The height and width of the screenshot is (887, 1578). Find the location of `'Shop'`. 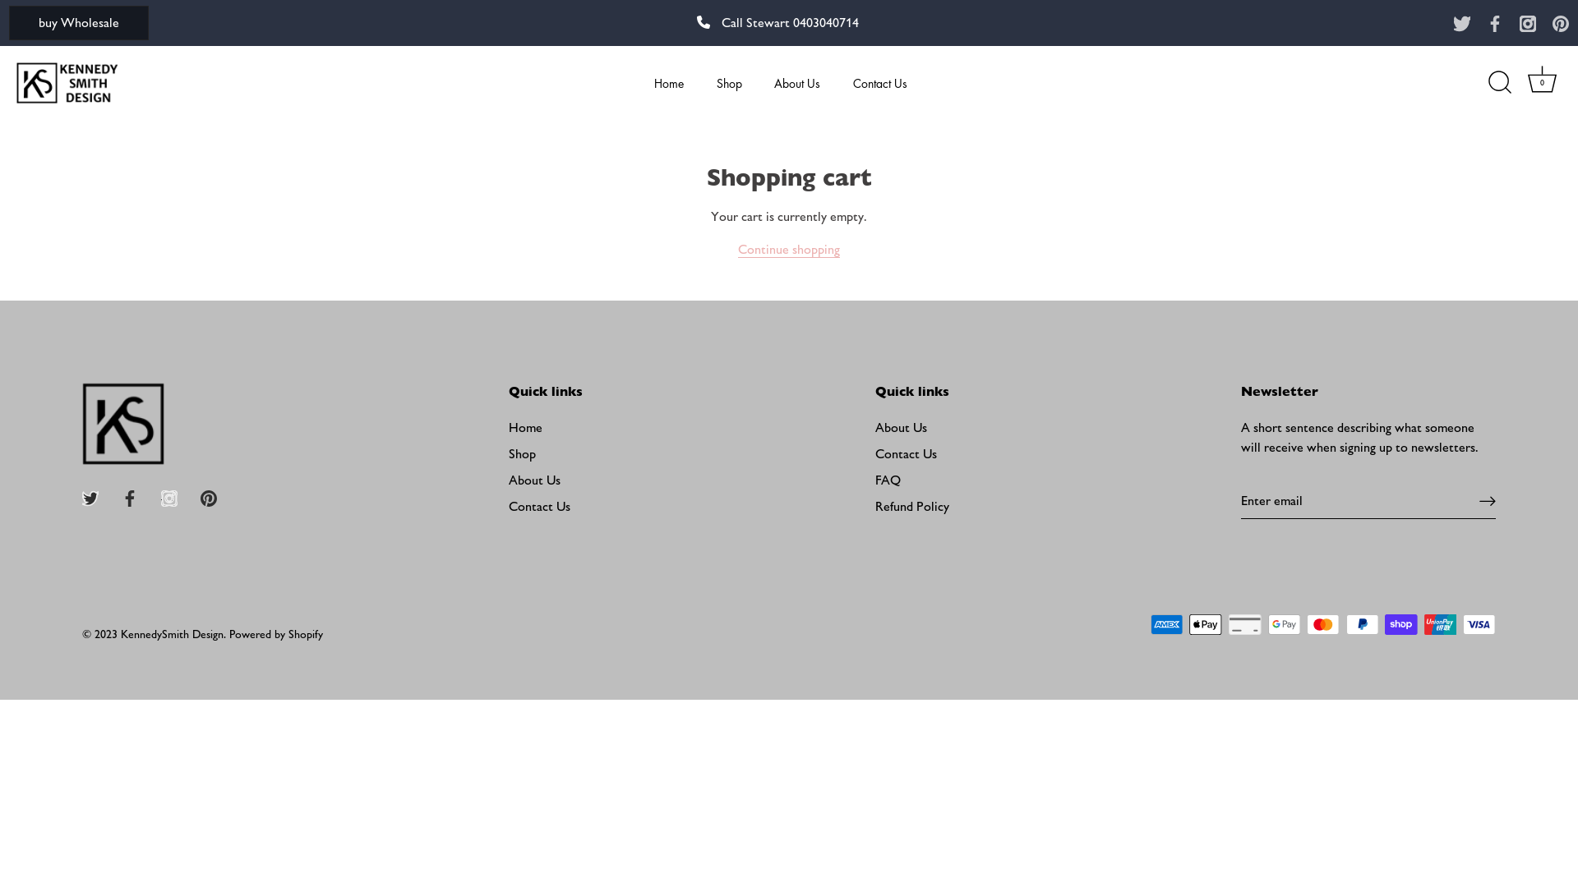

'Shop' is located at coordinates (521, 453).